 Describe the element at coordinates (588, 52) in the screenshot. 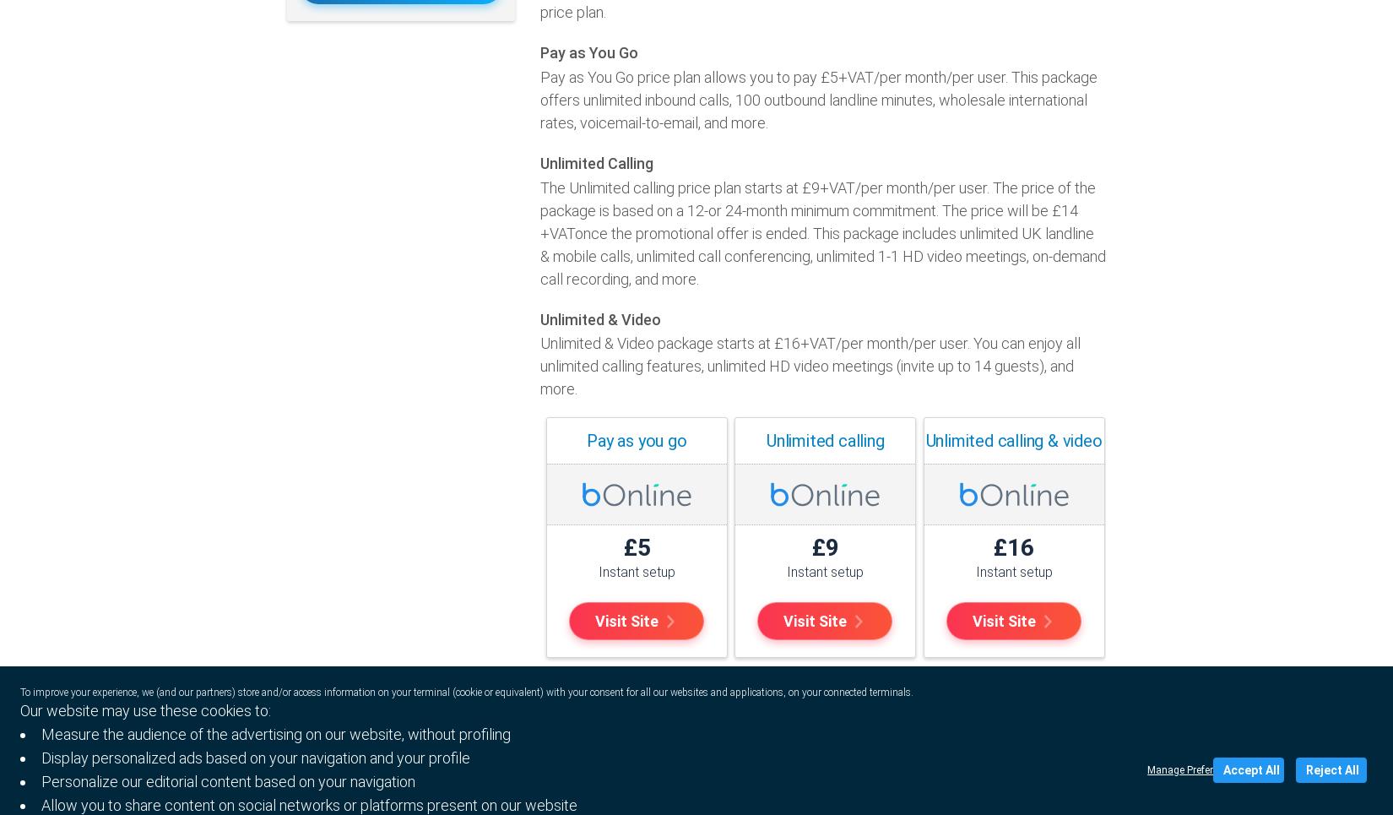

I see `'Pay as You Go'` at that location.